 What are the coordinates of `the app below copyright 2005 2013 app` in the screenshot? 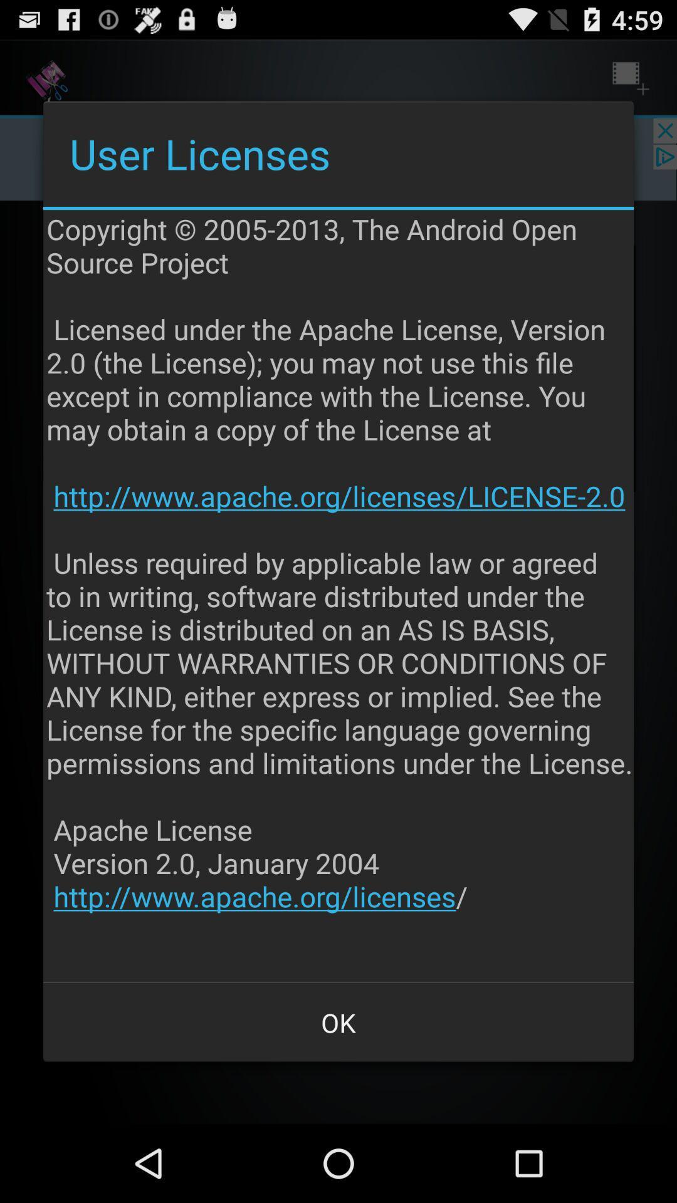 It's located at (338, 1023).